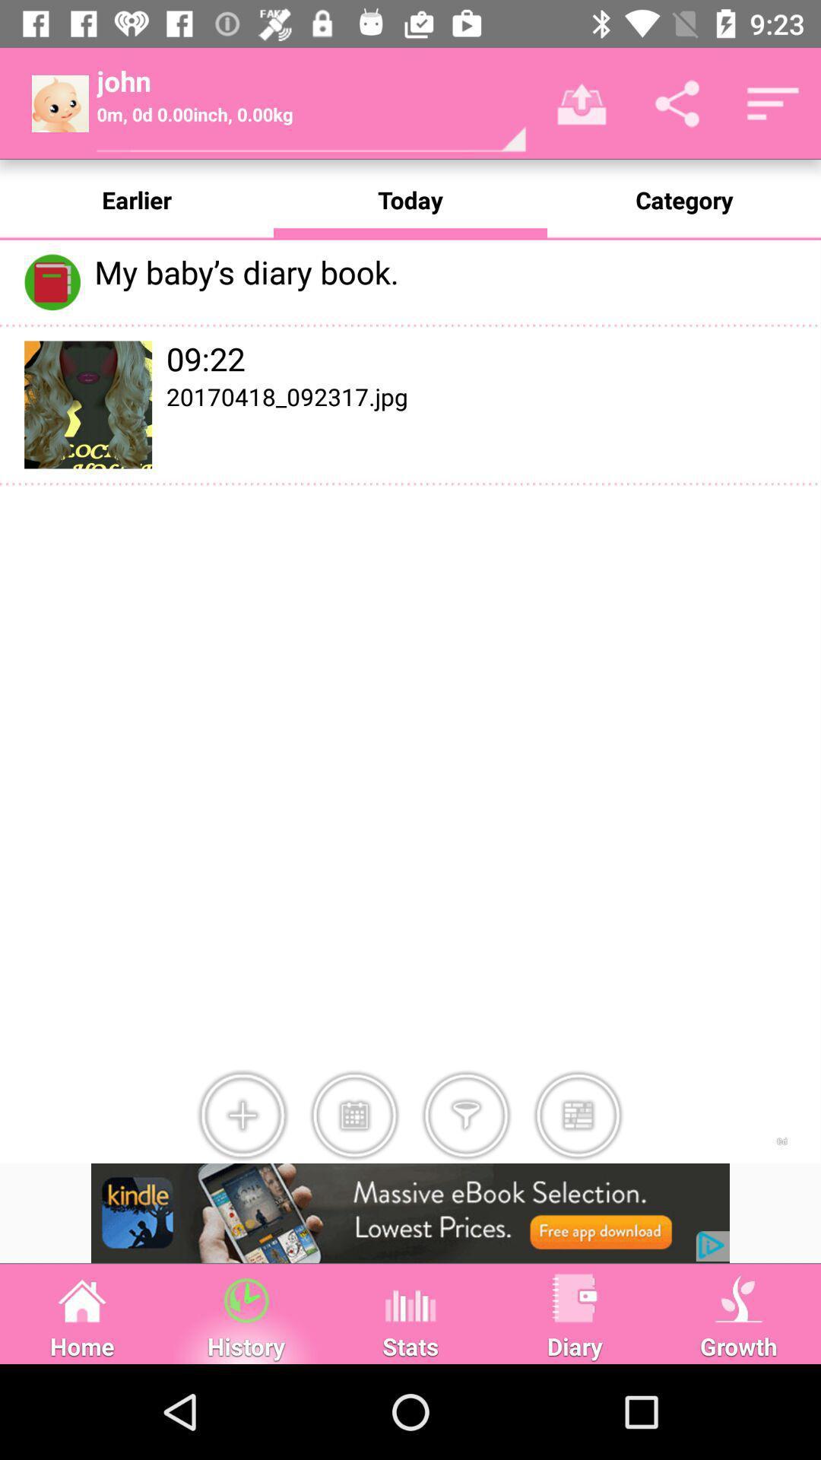  What do you see at coordinates (410, 1212) in the screenshot?
I see `advertisements` at bounding box center [410, 1212].